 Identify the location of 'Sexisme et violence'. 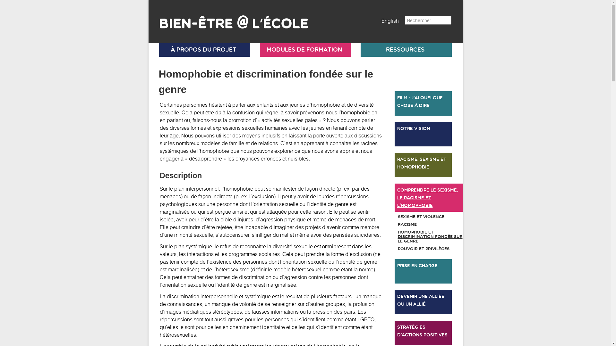
(423, 217).